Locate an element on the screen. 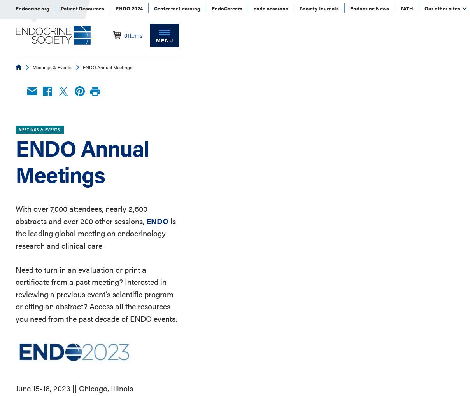 This screenshot has width=470, height=396. 'Our other sites' is located at coordinates (443, 8).